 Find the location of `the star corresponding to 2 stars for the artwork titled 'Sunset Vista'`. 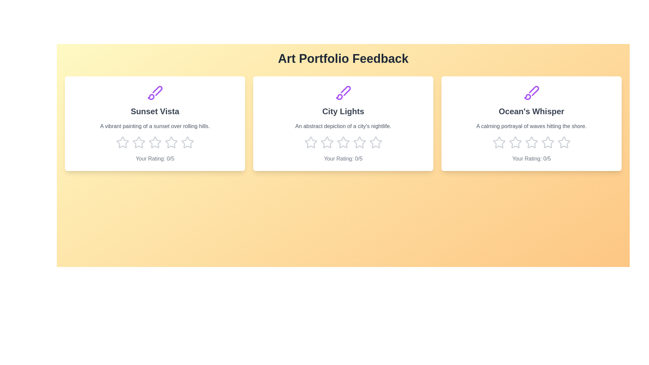

the star corresponding to 2 stars for the artwork titled 'Sunset Vista' is located at coordinates (138, 142).